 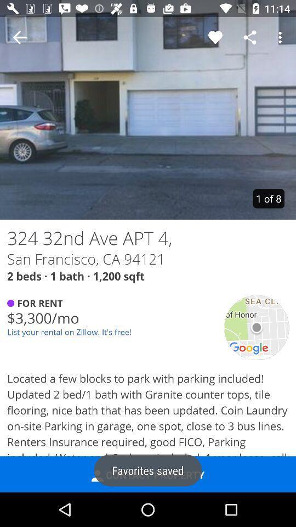 What do you see at coordinates (250, 37) in the screenshot?
I see `the icon beside heart symbol` at bounding box center [250, 37].